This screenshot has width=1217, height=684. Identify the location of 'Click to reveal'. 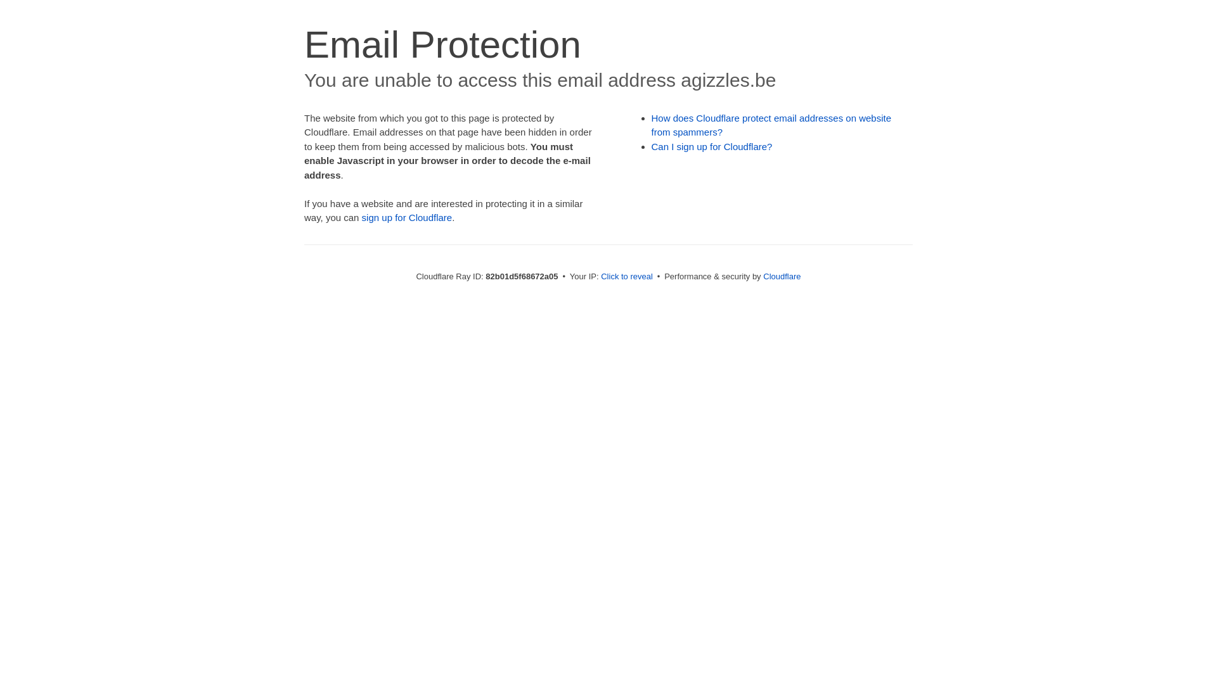
(626, 275).